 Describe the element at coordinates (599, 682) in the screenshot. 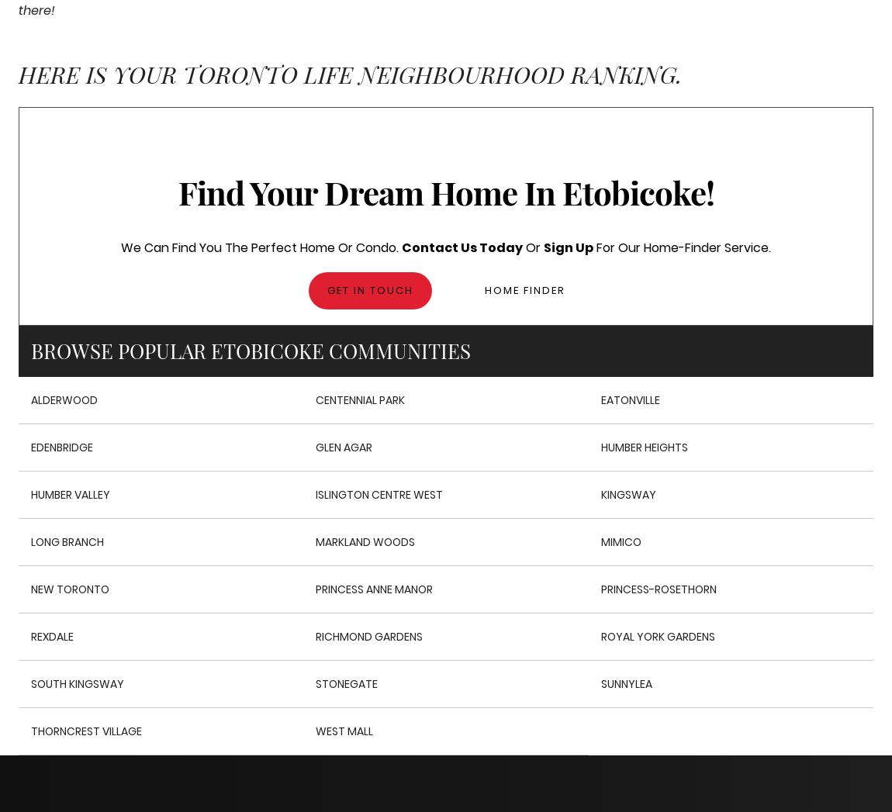

I see `'Sunnylea'` at that location.